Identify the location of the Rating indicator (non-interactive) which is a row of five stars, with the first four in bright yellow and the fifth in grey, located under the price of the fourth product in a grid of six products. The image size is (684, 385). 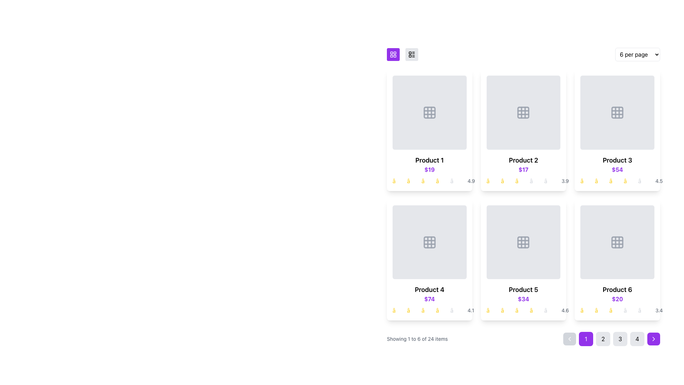
(428, 310).